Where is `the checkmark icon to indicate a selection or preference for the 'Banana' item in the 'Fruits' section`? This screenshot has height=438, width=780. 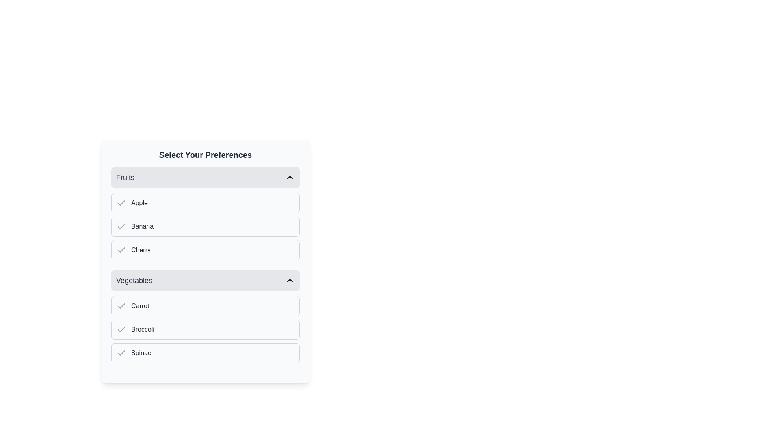 the checkmark icon to indicate a selection or preference for the 'Banana' item in the 'Fruits' section is located at coordinates (121, 226).